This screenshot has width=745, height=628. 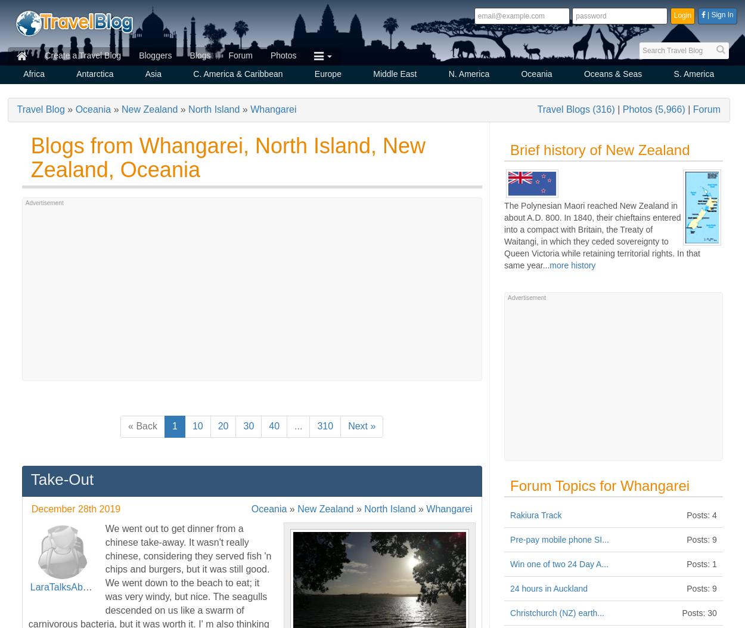 I want to click on 'Europe', so click(x=314, y=74).